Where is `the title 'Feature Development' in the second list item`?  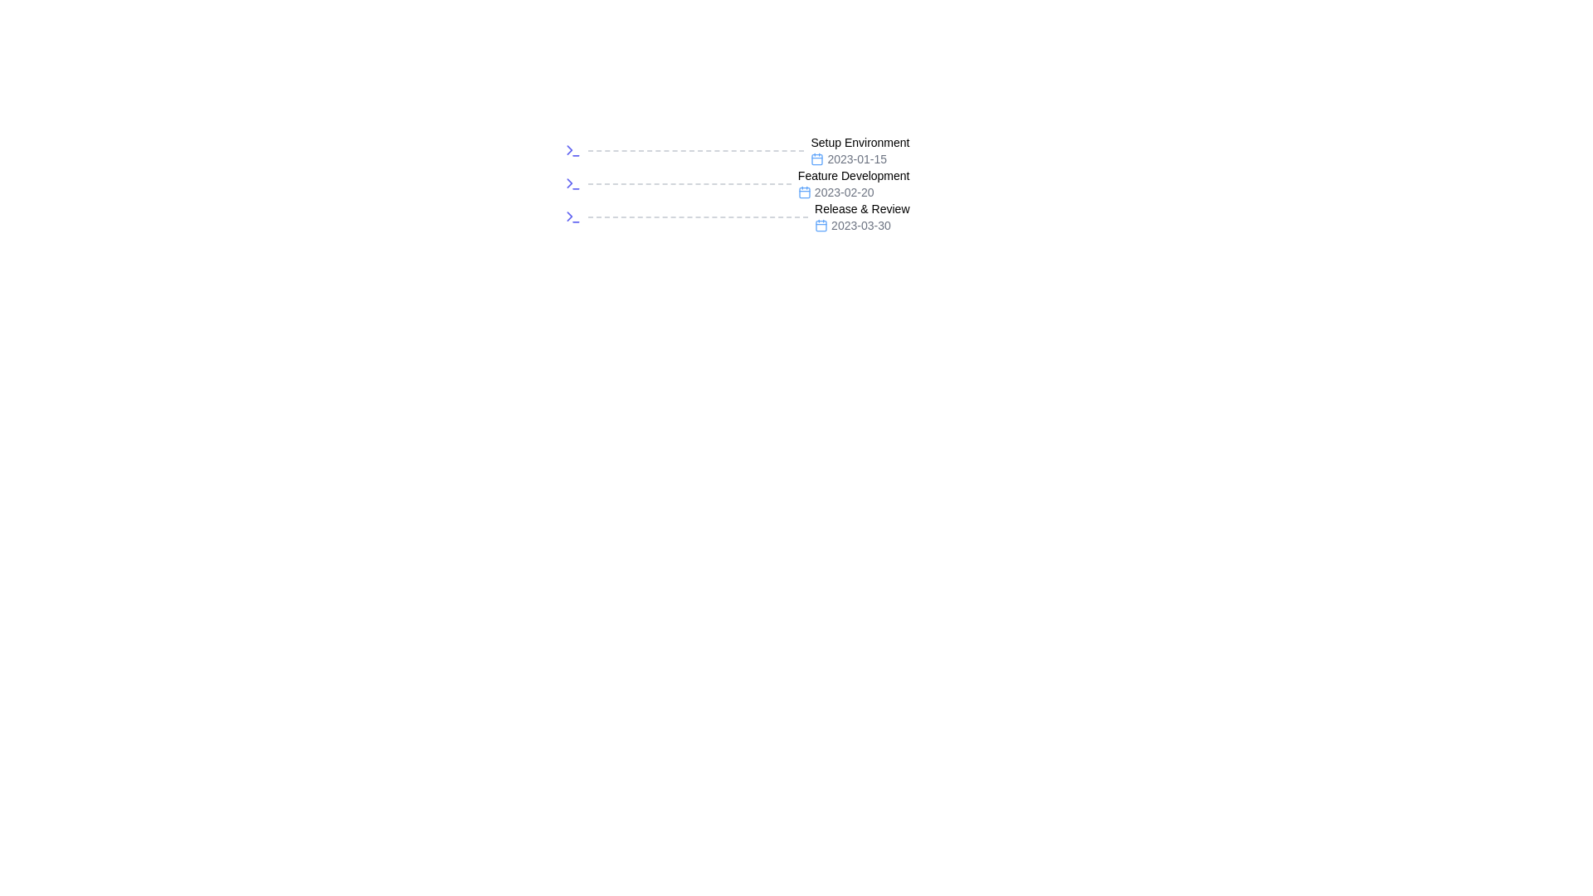
the title 'Feature Development' in the second list item is located at coordinates (736, 184).